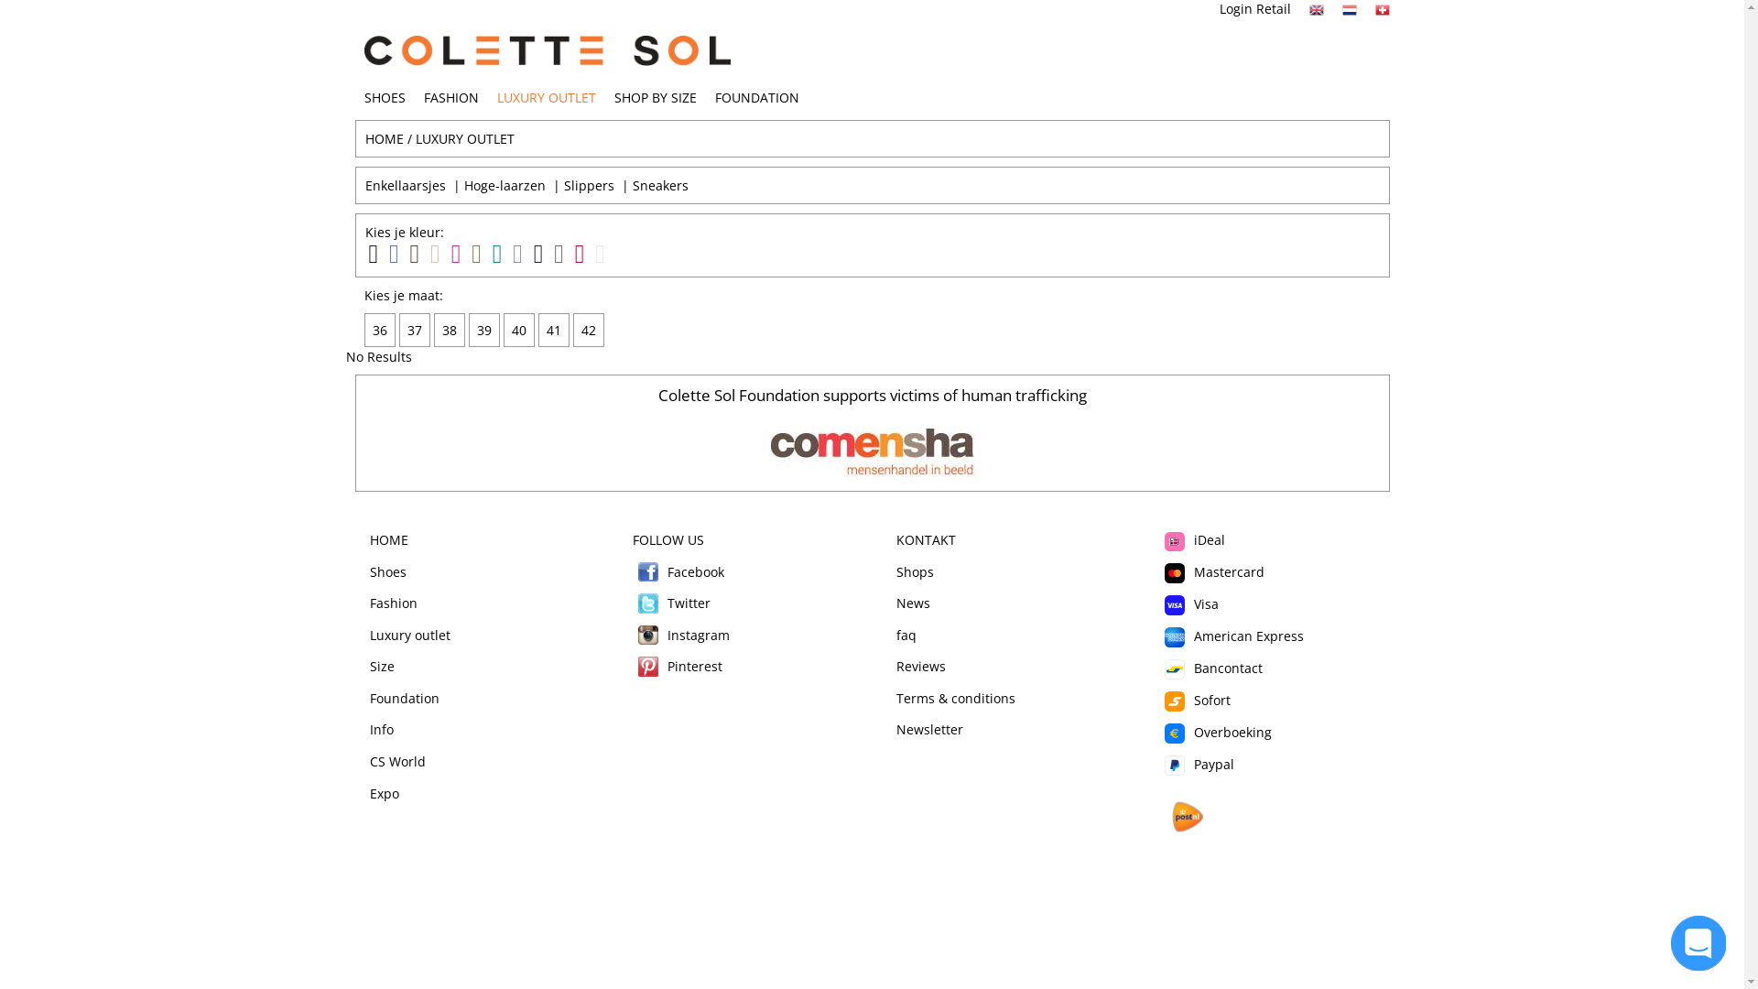 The height and width of the screenshot is (989, 1758). I want to click on 'Fashion', so click(368, 603).